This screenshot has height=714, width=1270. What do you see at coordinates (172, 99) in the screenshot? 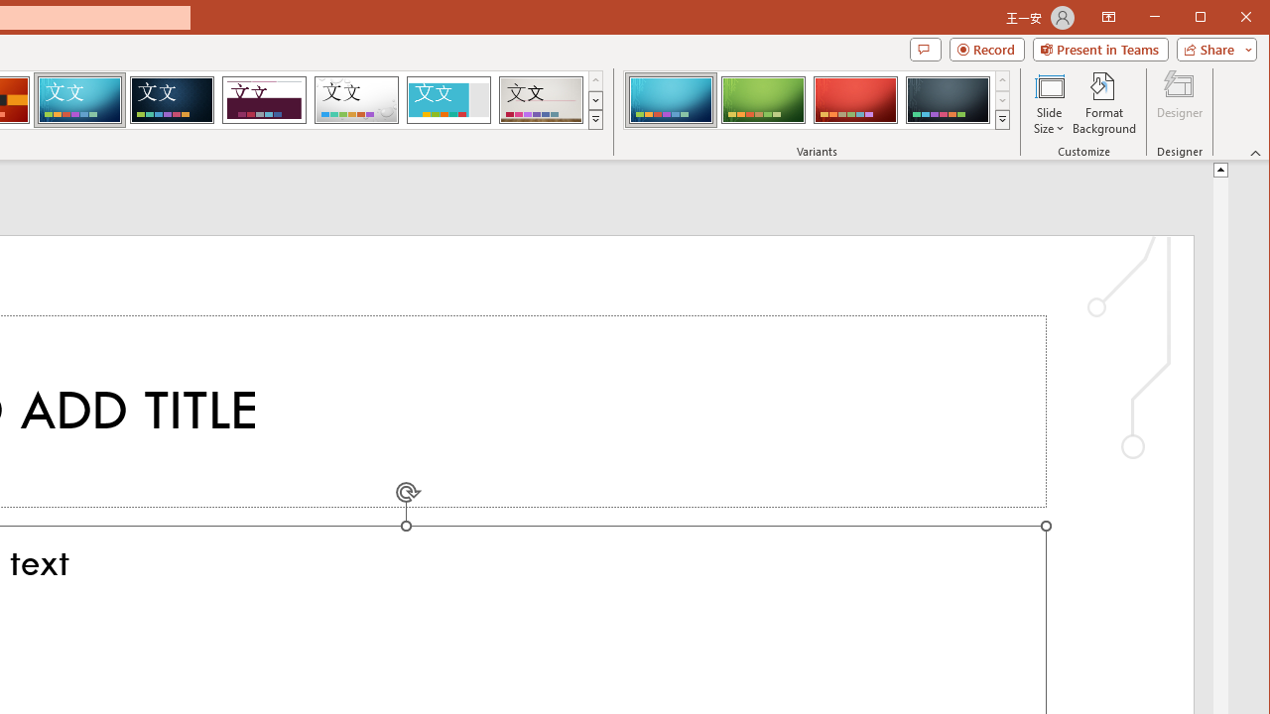
I see `'Damask'` at bounding box center [172, 99].